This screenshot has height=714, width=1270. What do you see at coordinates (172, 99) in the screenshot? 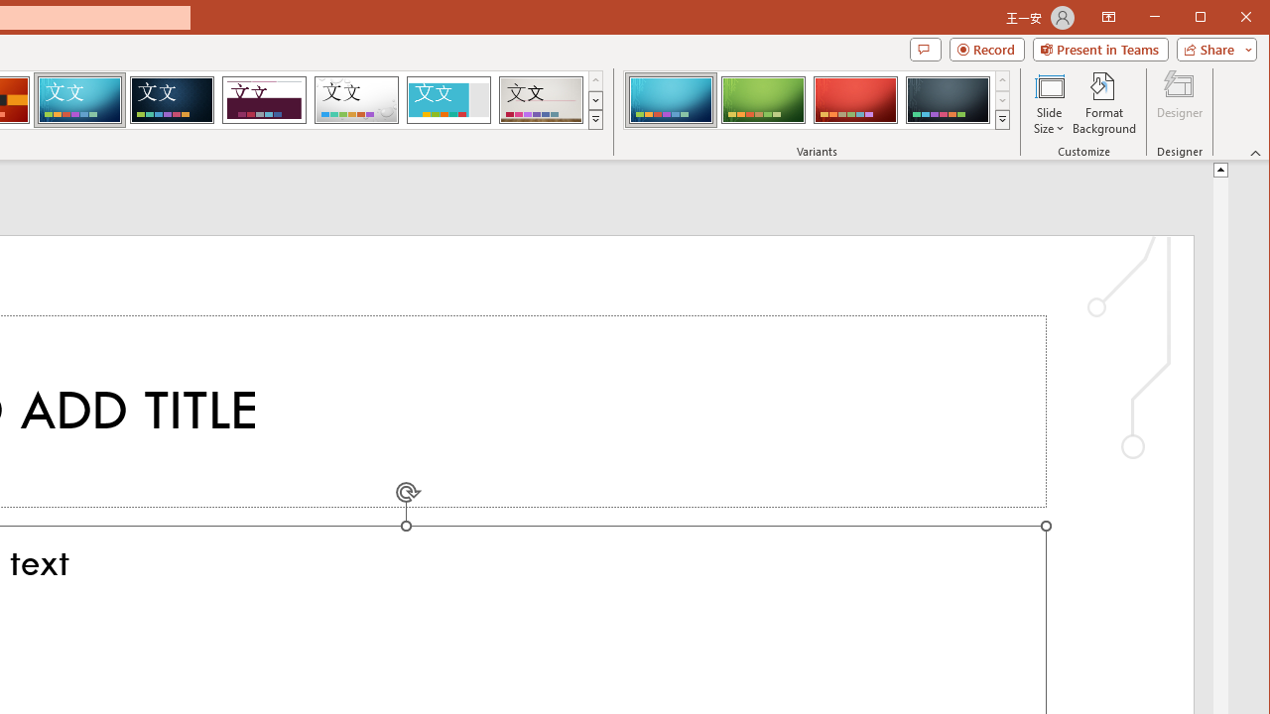
I see `'Damask'` at bounding box center [172, 99].